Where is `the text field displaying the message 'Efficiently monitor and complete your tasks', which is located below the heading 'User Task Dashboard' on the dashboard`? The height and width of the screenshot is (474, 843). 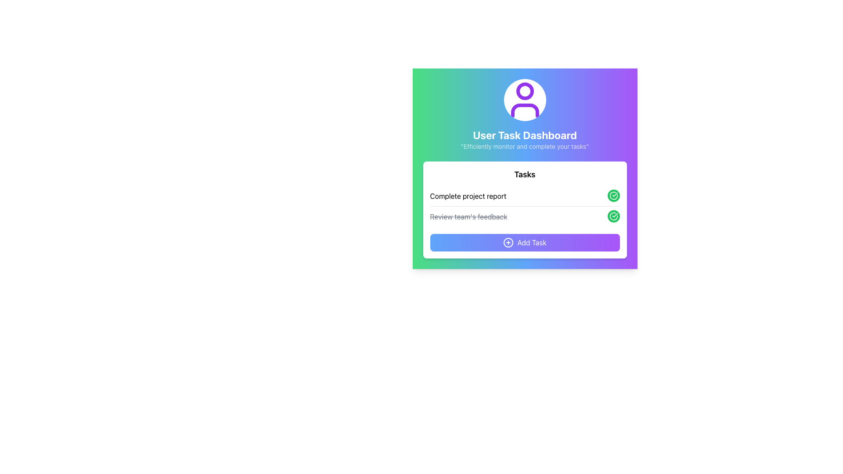 the text field displaying the message 'Efficiently monitor and complete your tasks', which is located below the heading 'User Task Dashboard' on the dashboard is located at coordinates (525, 146).